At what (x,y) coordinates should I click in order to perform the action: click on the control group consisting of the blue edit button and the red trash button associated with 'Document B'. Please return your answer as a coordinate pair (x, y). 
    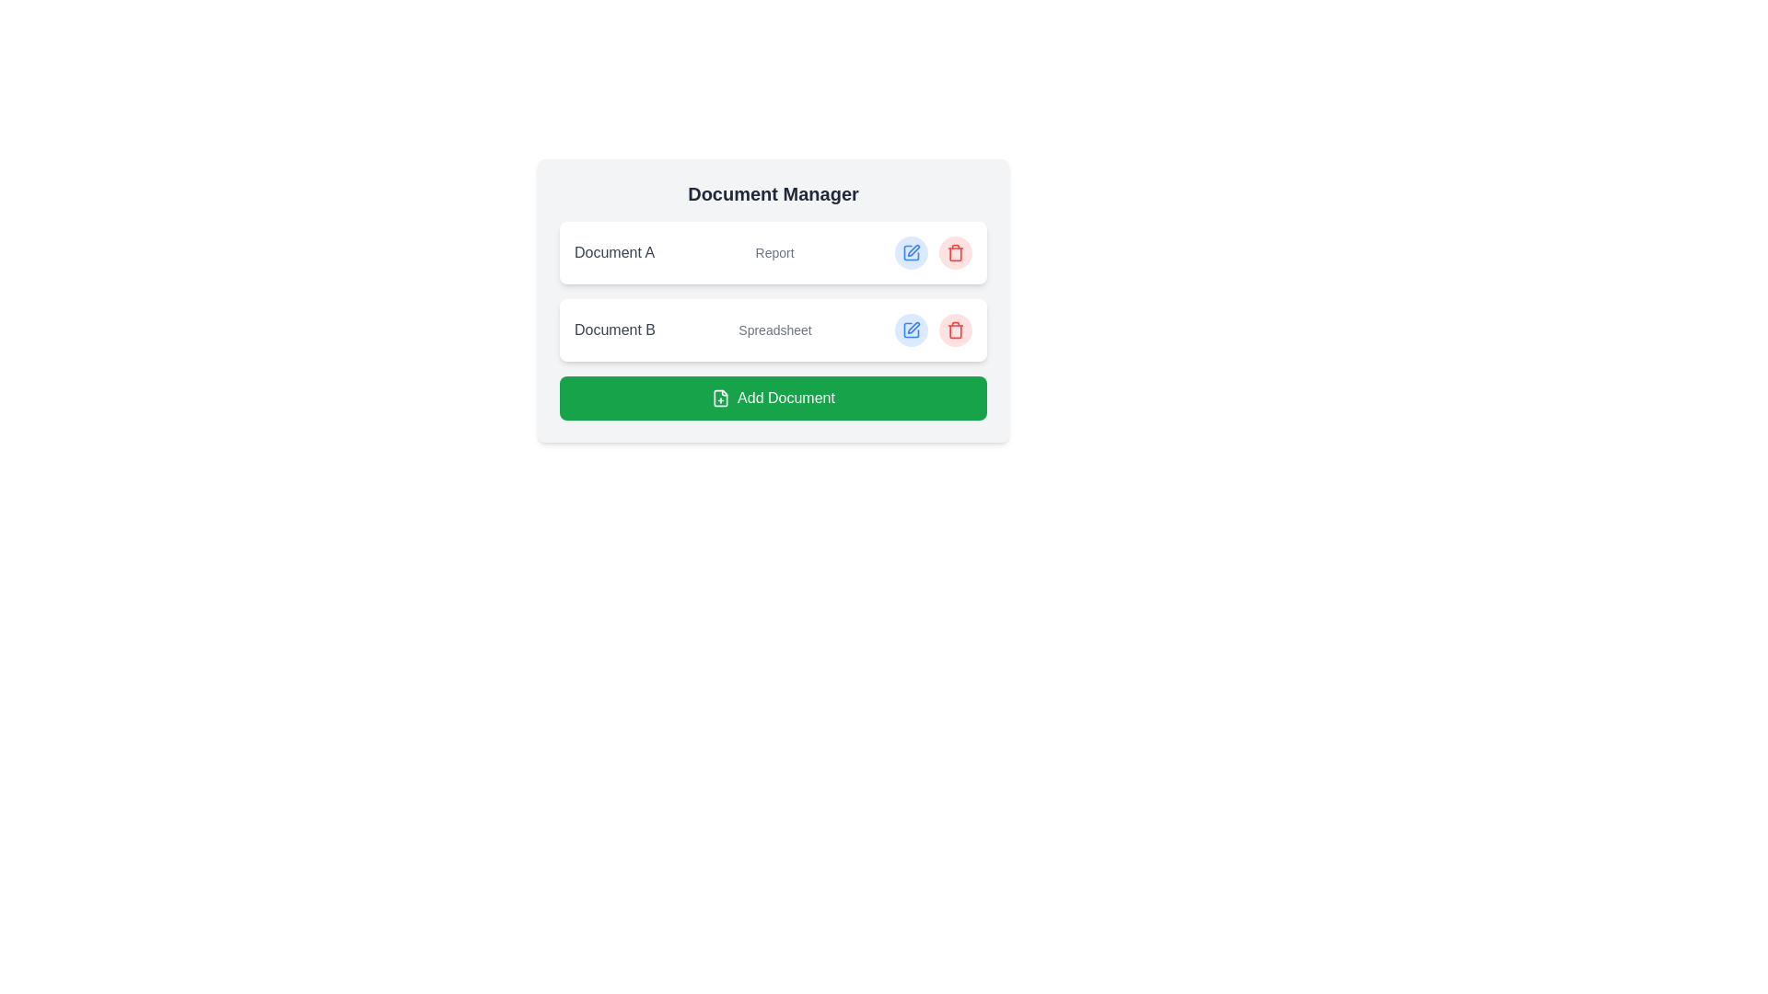
    Looking at the image, I should click on (933, 329).